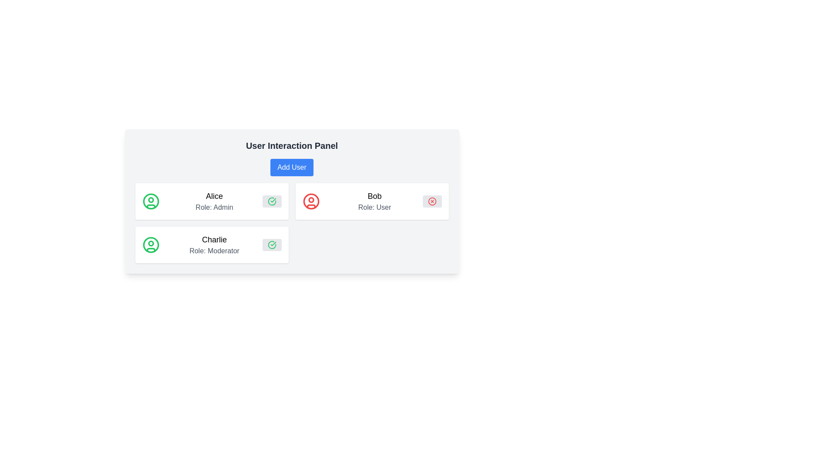  I want to click on the rounded button with a light gray background and a red icon indicating a closing action, located at the far right of the user information panel for 'Bob', so click(432, 201).